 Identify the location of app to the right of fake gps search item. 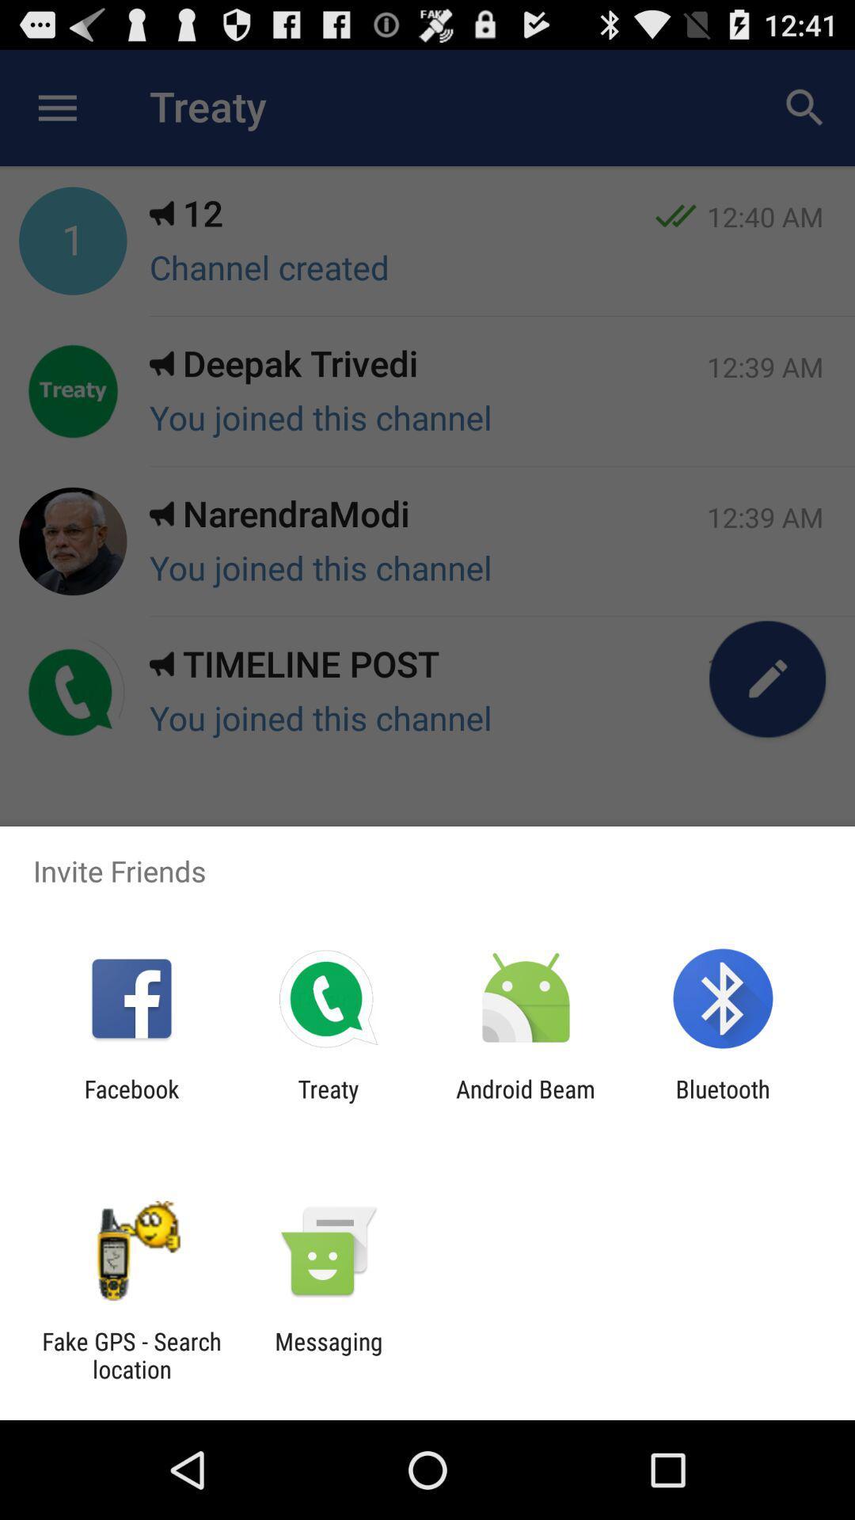
(328, 1355).